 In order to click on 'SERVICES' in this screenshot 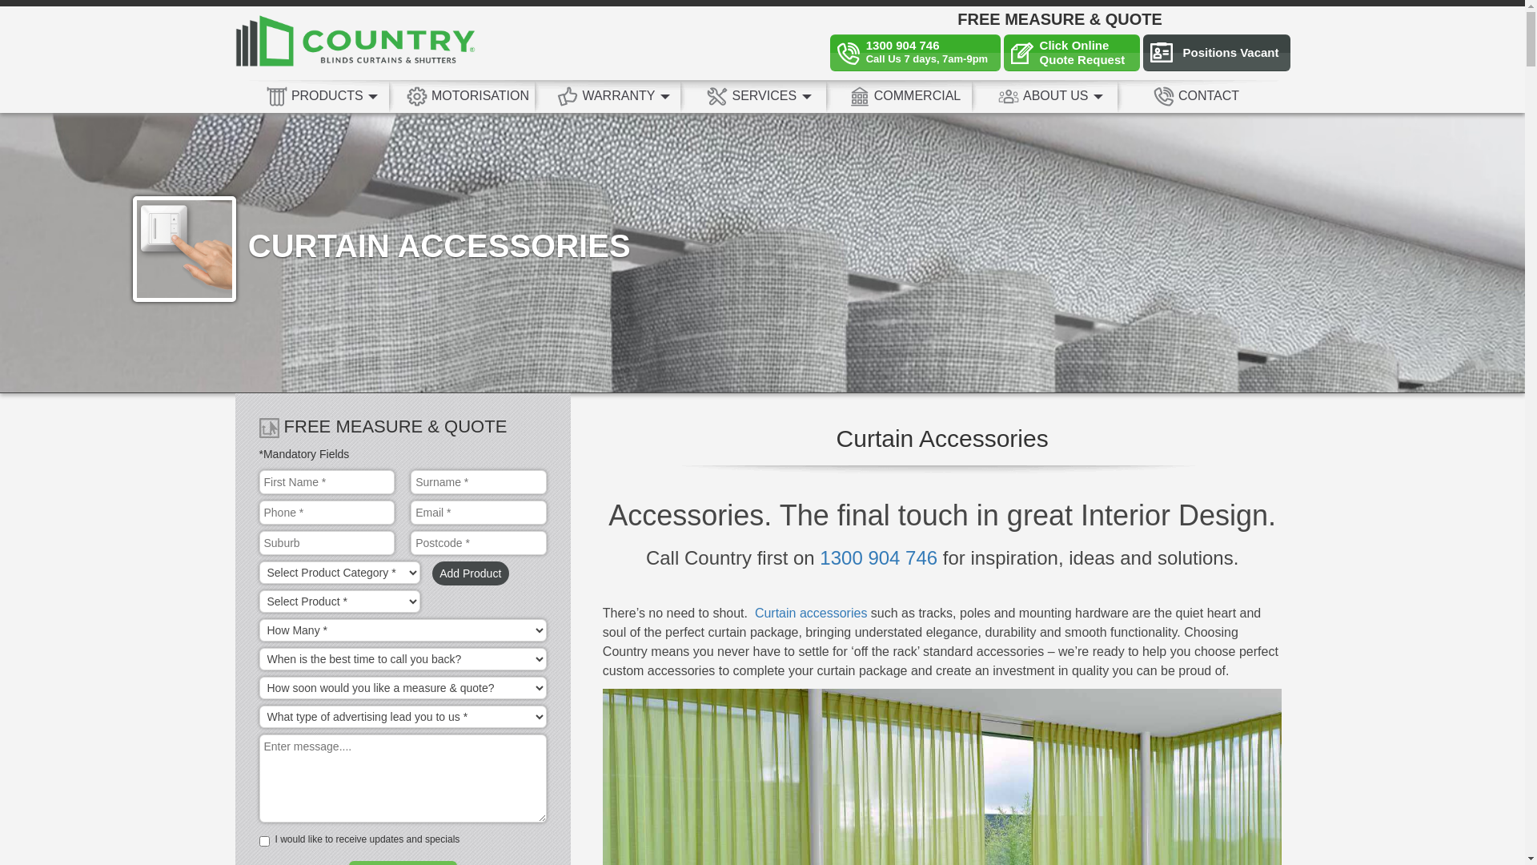, I will do `click(759, 96)`.